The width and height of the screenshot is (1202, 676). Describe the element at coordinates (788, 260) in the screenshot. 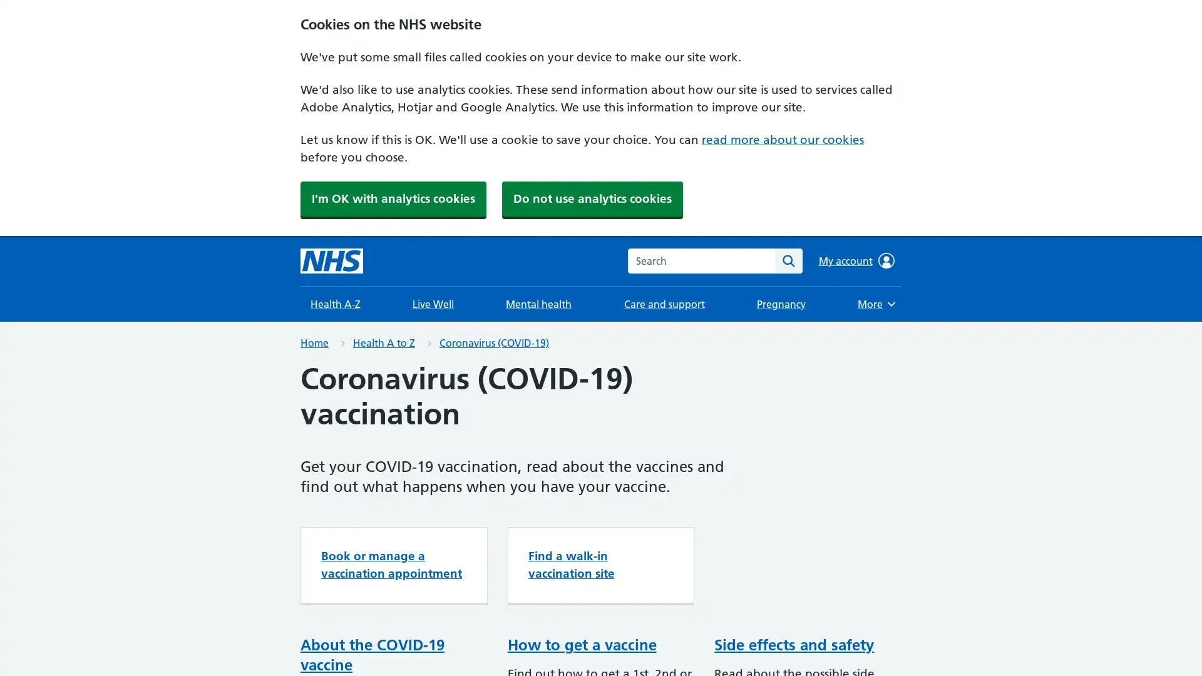

I see `Search` at that location.